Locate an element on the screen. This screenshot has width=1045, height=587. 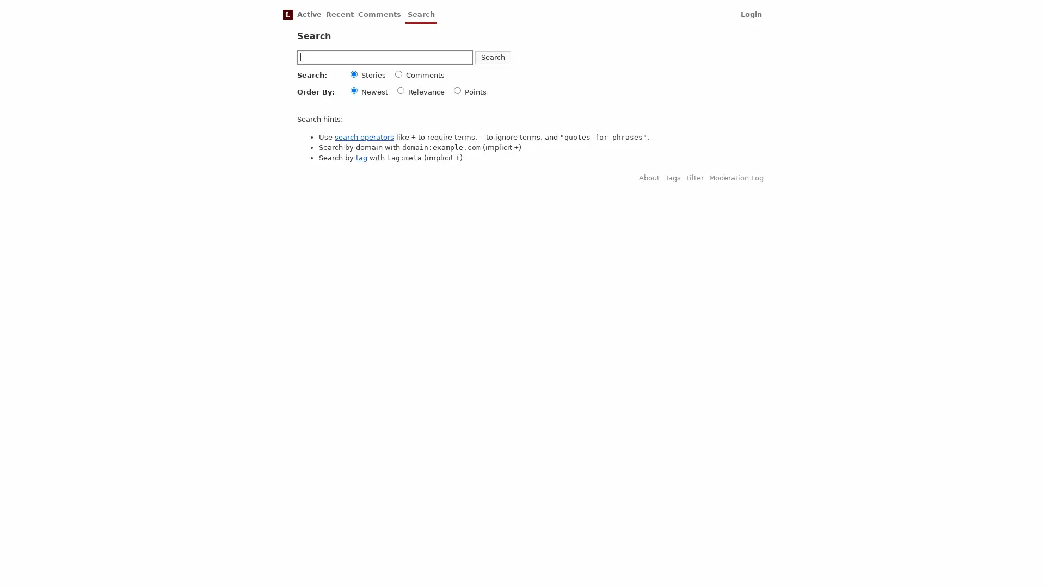
Search is located at coordinates (493, 57).